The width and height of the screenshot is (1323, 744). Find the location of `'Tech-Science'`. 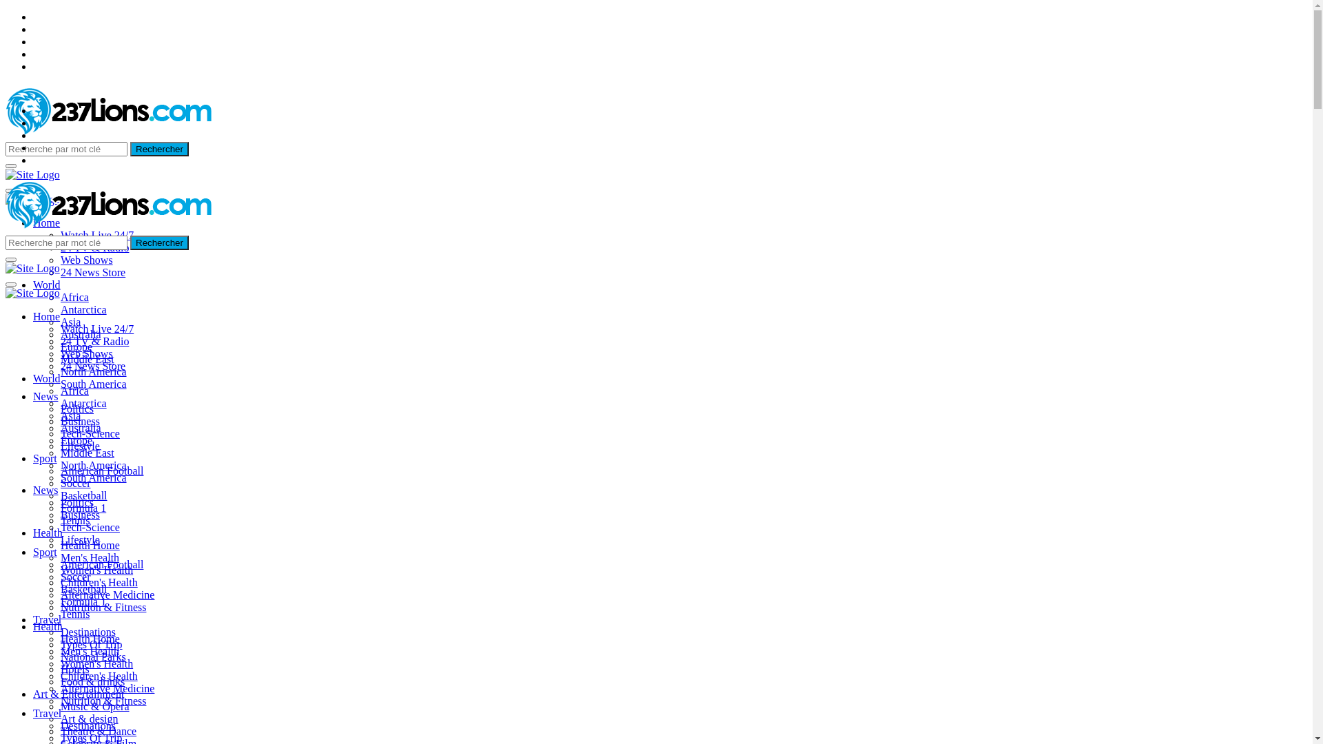

'Tech-Science' is located at coordinates (59, 433).